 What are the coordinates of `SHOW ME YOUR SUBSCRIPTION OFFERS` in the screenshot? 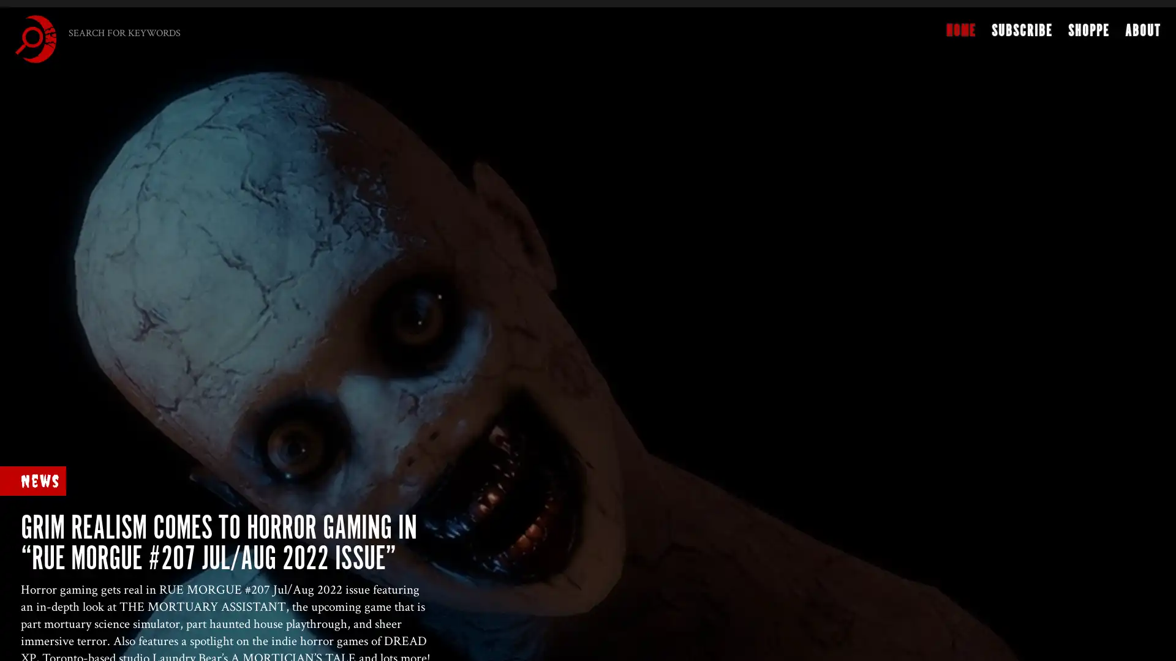 It's located at (515, 296).